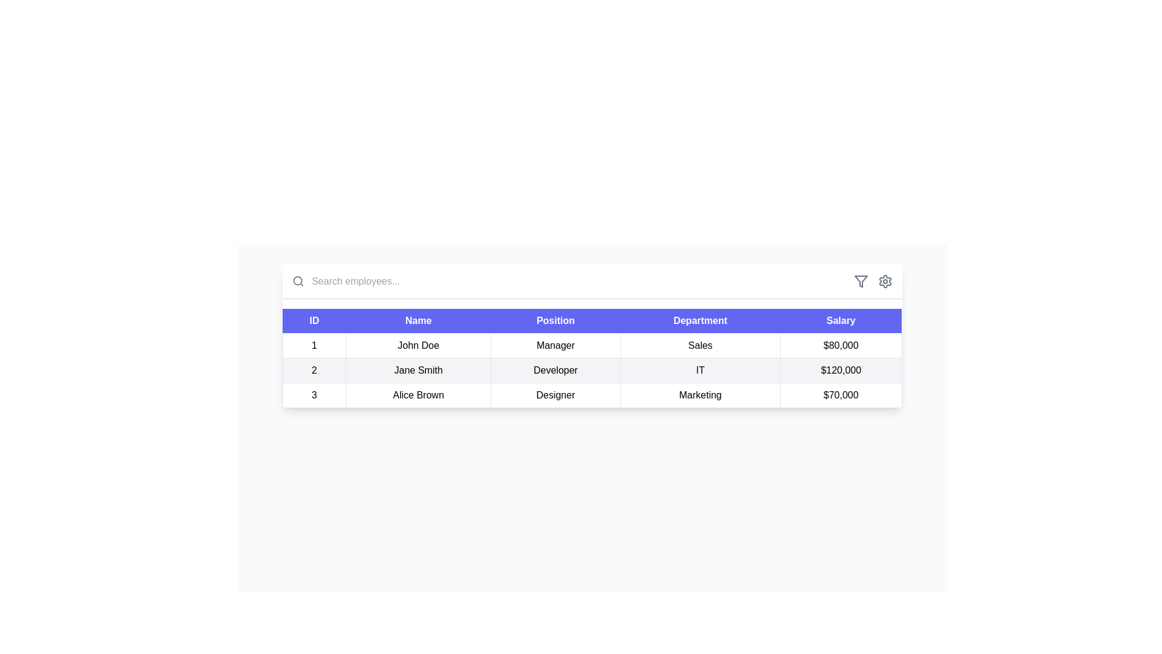  What do you see at coordinates (418, 395) in the screenshot?
I see `the text field displaying 'Alice Brown', which is located in the third row of a table under the 'Name' column, between 'ID' and 'Position' columns` at bounding box center [418, 395].